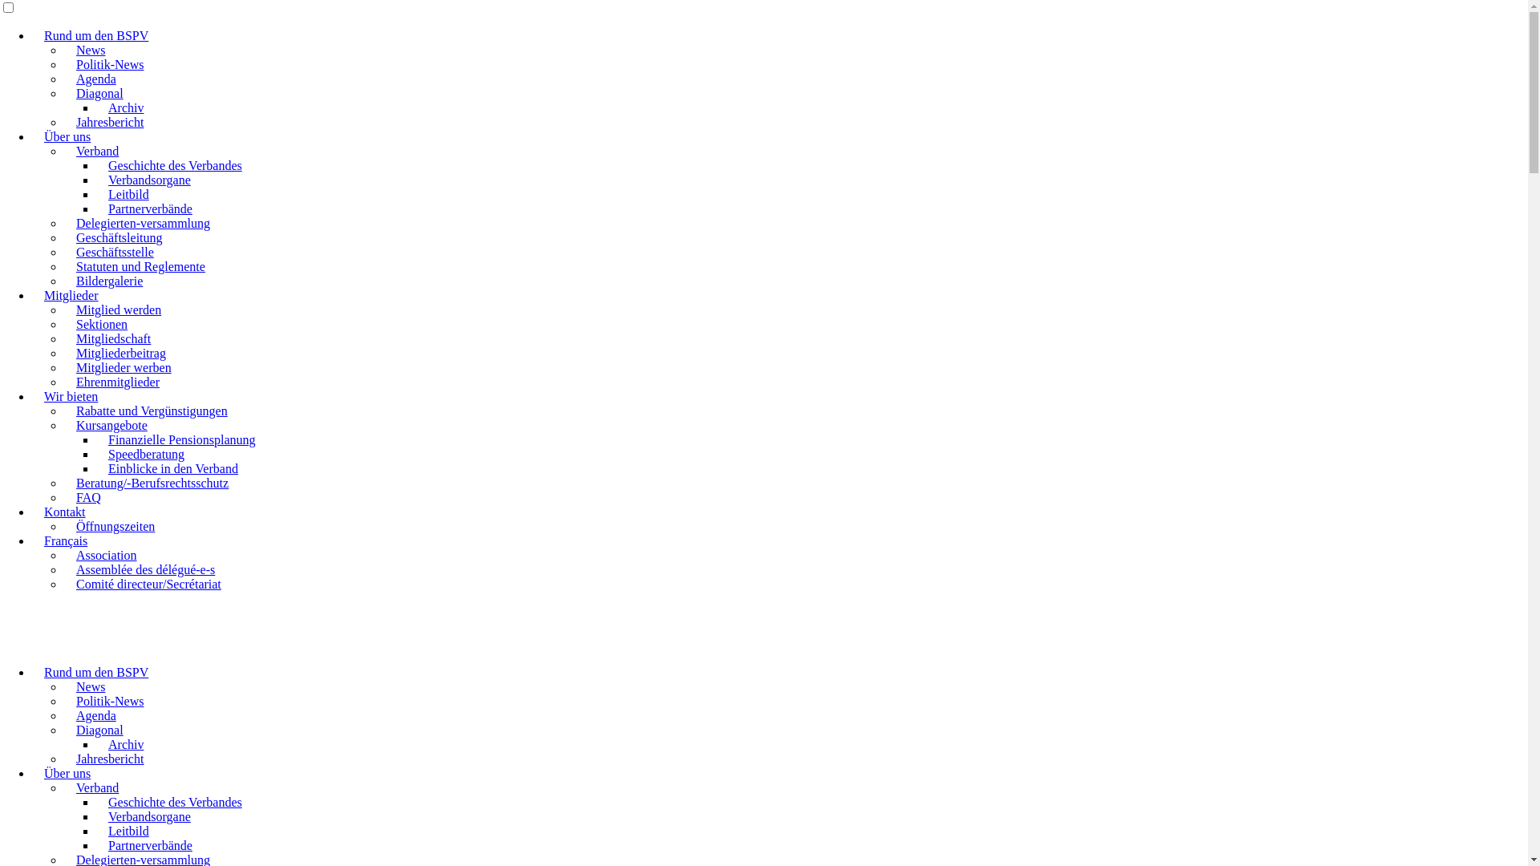 The height and width of the screenshot is (866, 1540). What do you see at coordinates (108, 280) in the screenshot?
I see `'Bildergalerie'` at bounding box center [108, 280].